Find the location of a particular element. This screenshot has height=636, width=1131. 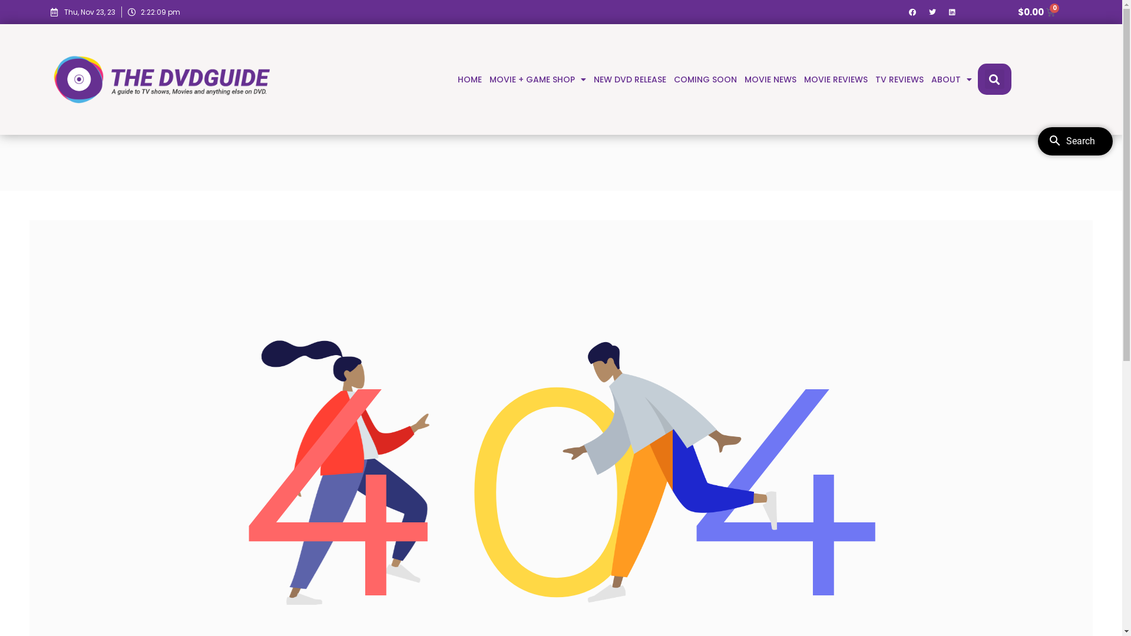

'COMING SOON' is located at coordinates (705, 79).